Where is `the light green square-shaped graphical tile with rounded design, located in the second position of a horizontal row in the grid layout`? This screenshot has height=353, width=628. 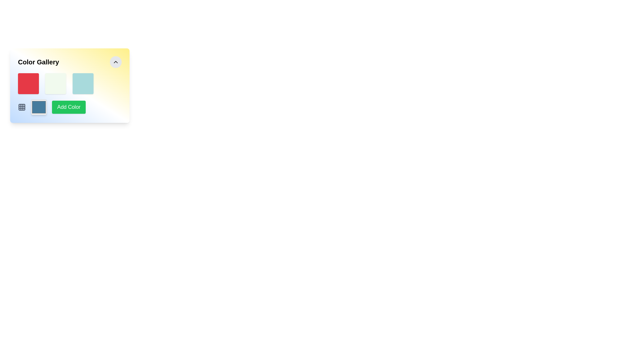
the light green square-shaped graphical tile with rounded design, located in the second position of a horizontal row in the grid layout is located at coordinates (56, 83).